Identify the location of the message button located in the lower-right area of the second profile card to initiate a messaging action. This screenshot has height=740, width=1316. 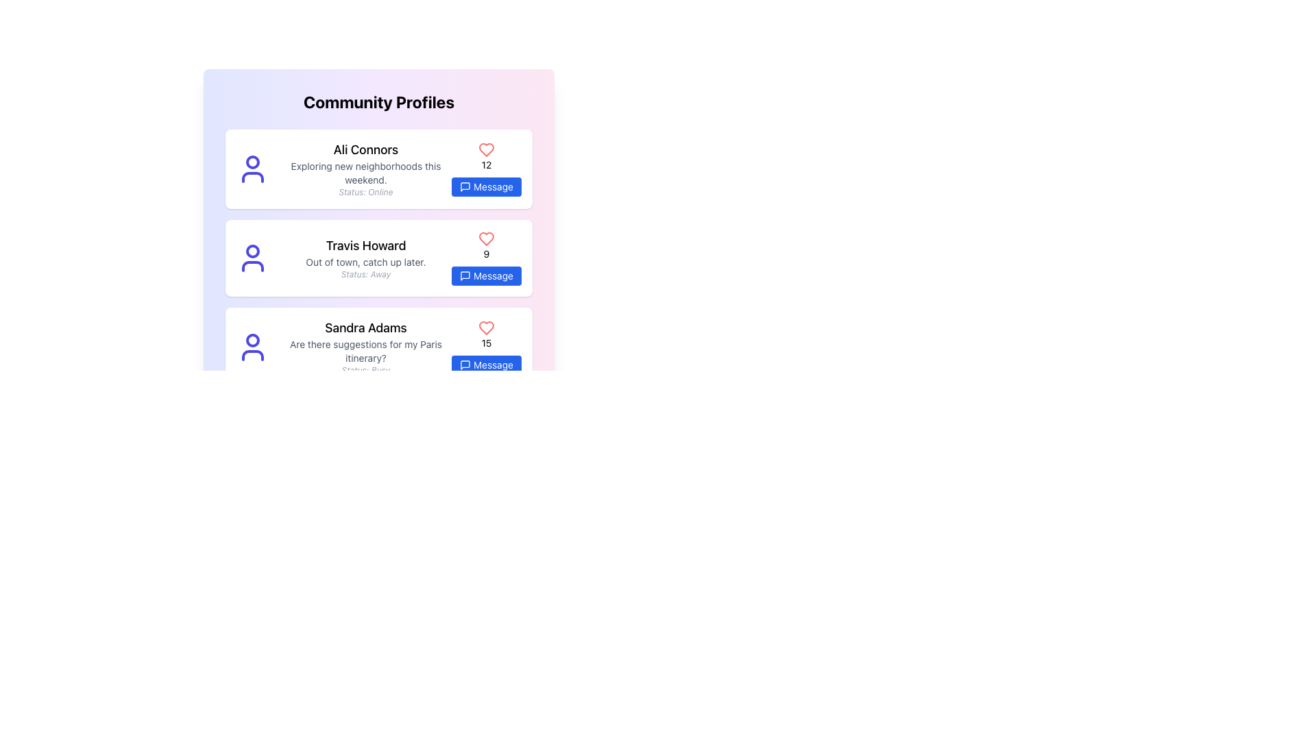
(487, 275).